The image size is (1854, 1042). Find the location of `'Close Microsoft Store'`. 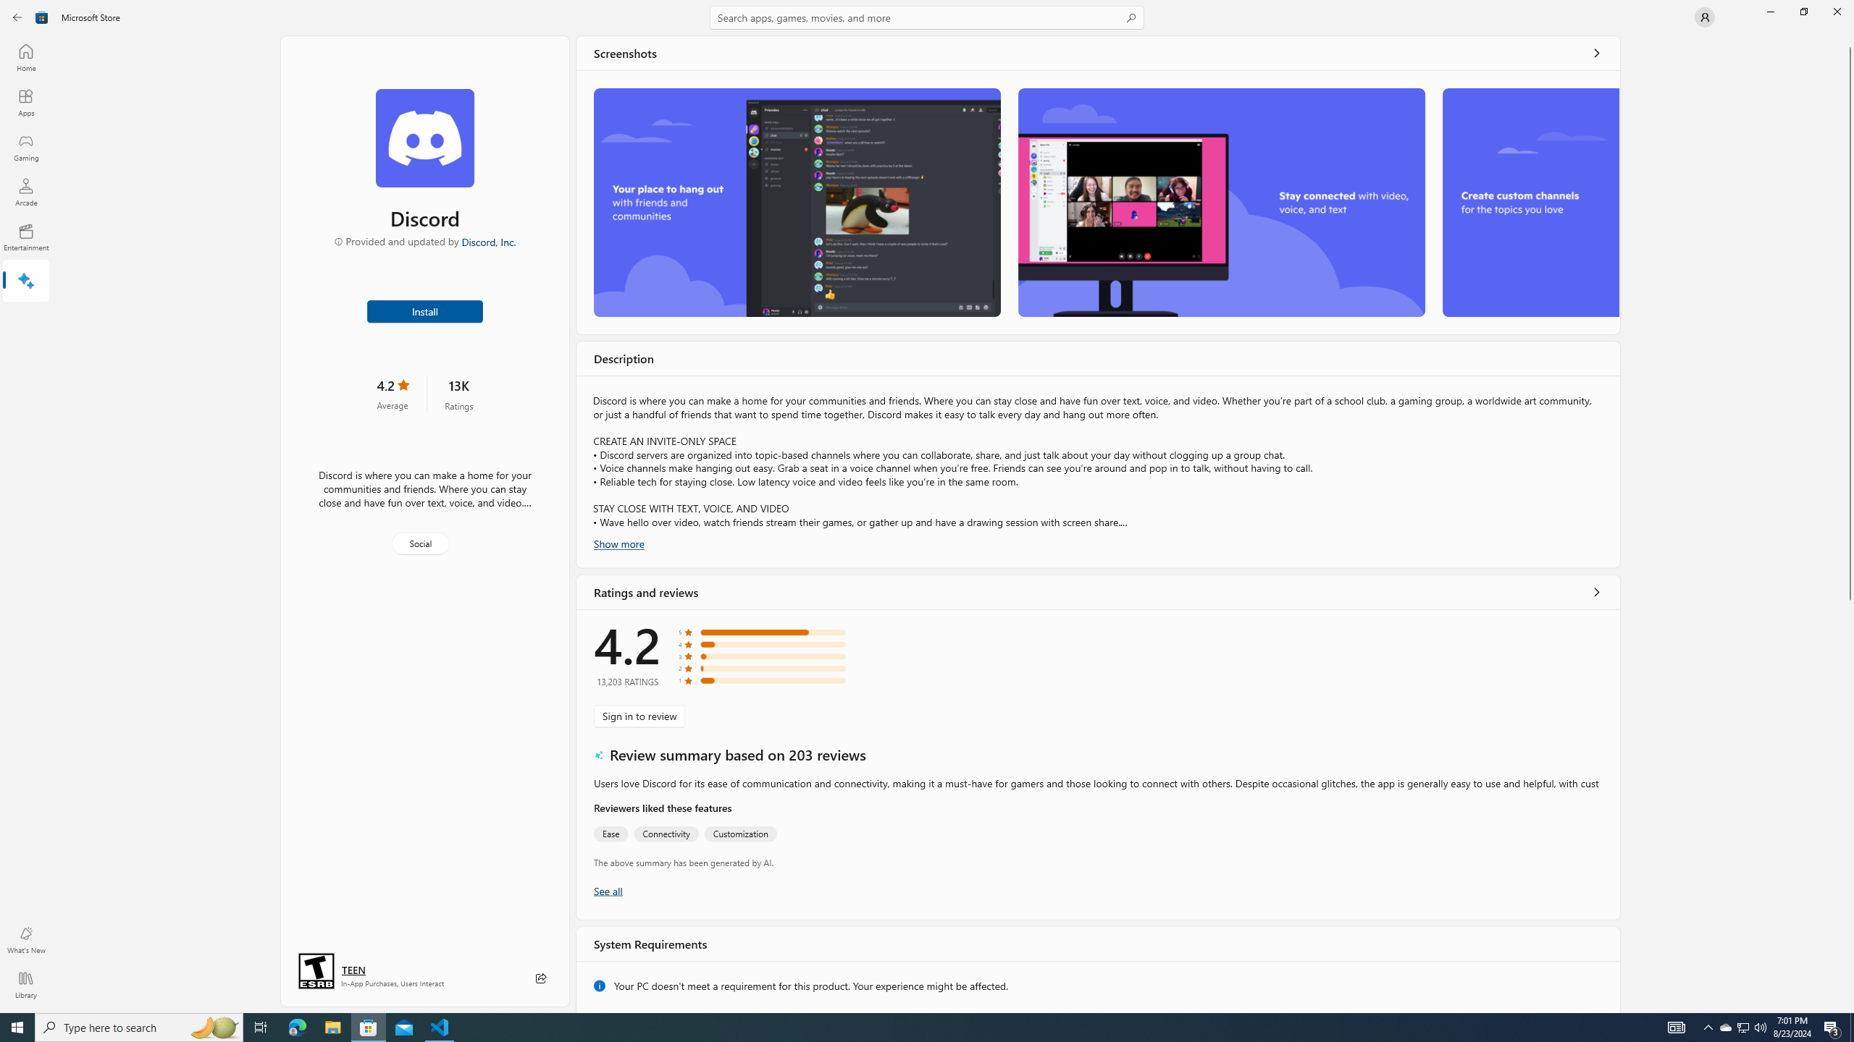

'Close Microsoft Store' is located at coordinates (1836, 11).